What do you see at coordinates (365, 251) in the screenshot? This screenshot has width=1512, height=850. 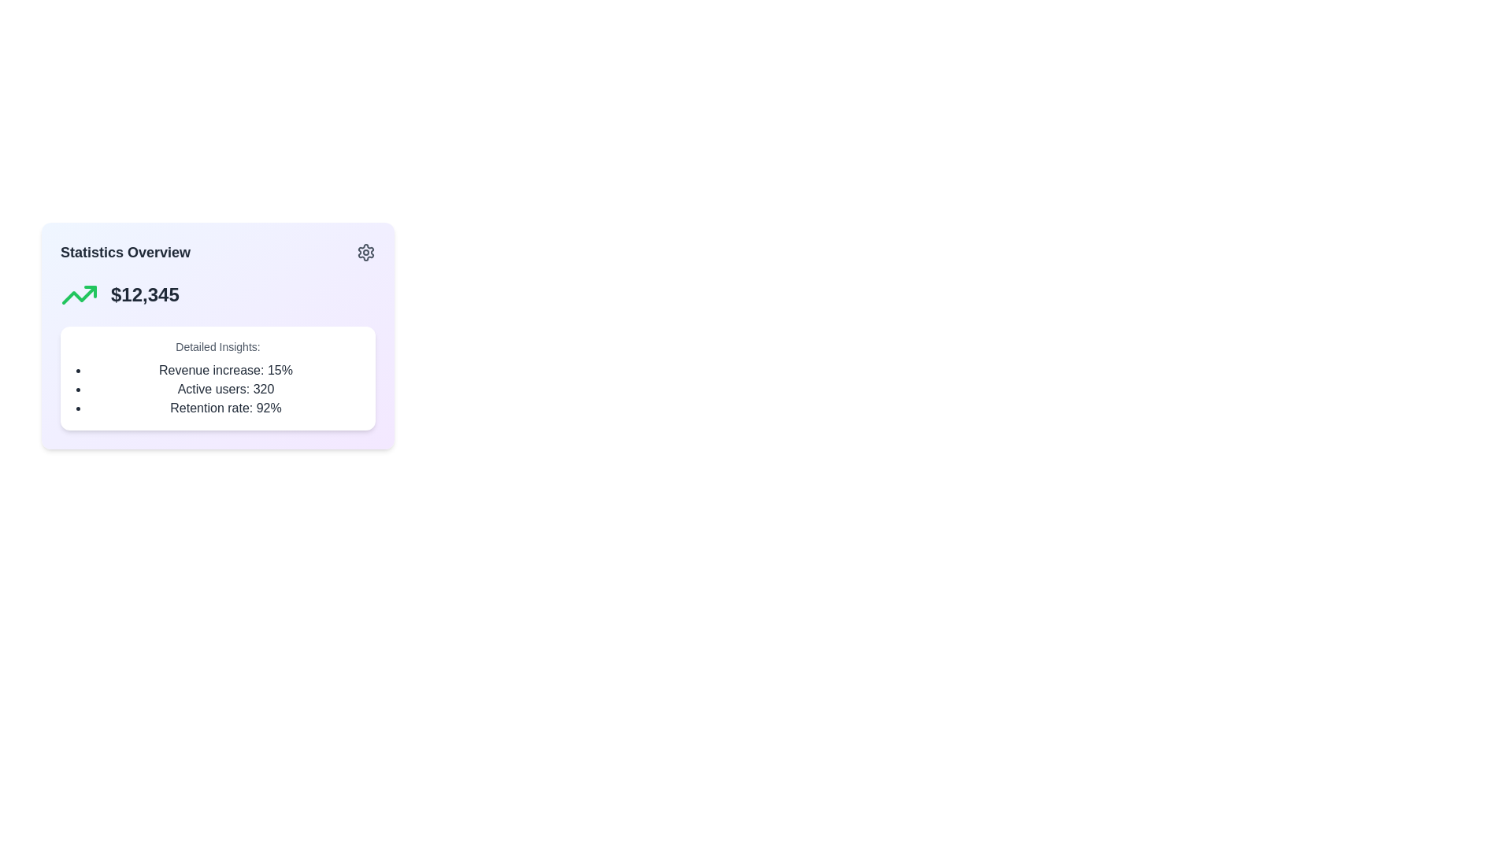 I see `the left component of the gear-shaped SVG settings icon located in the top-right corner of the 'Statistics Overview' card` at bounding box center [365, 251].